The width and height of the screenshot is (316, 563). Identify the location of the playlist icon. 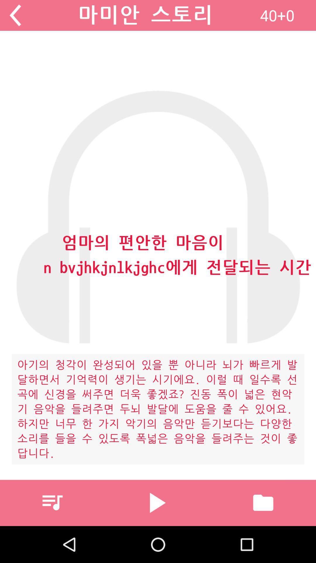
(52, 538).